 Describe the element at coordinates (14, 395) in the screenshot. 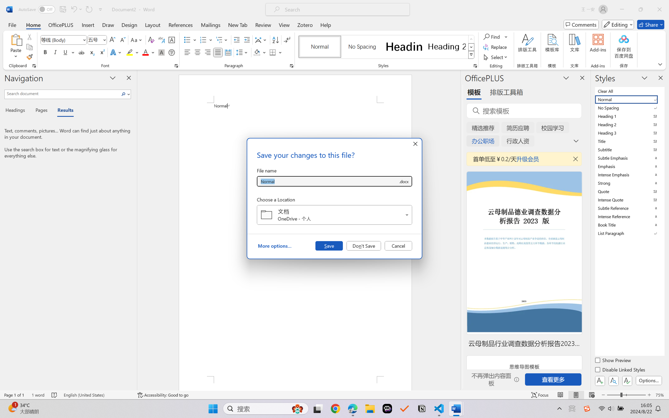

I see `'Page Number Page 1 of 1'` at that location.